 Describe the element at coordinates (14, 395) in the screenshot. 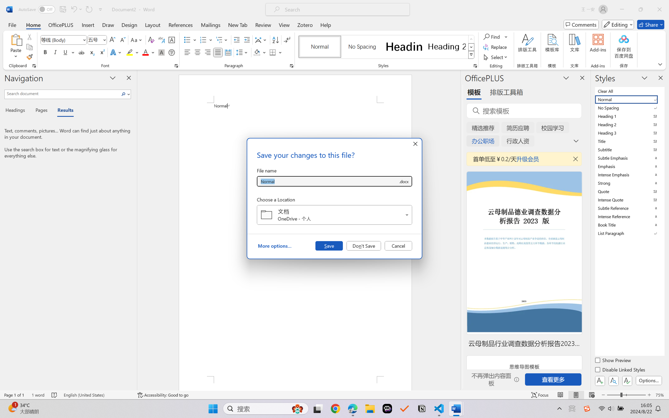

I see `'Page Number Page 1 of 1'` at that location.